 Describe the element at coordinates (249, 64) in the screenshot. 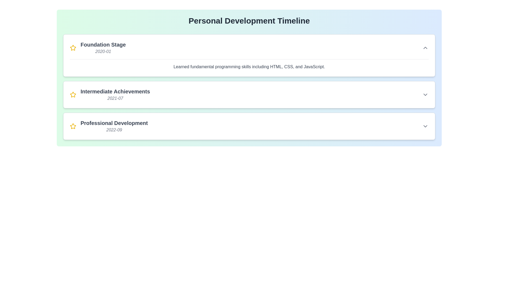

I see `text element that provides a description of achievements or skills learned during the 'Foundation Stage' period, located below the section header` at that location.